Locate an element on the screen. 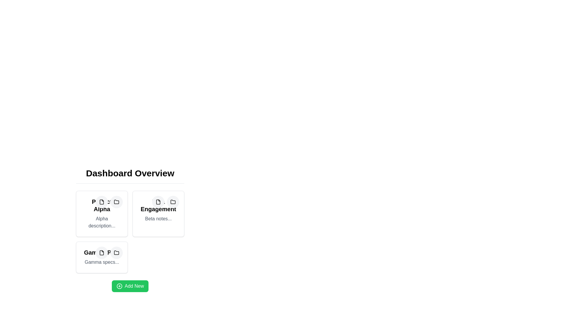 This screenshot has width=568, height=319. the file-related action icon located within the 'Engagement' card is located at coordinates (158, 201).